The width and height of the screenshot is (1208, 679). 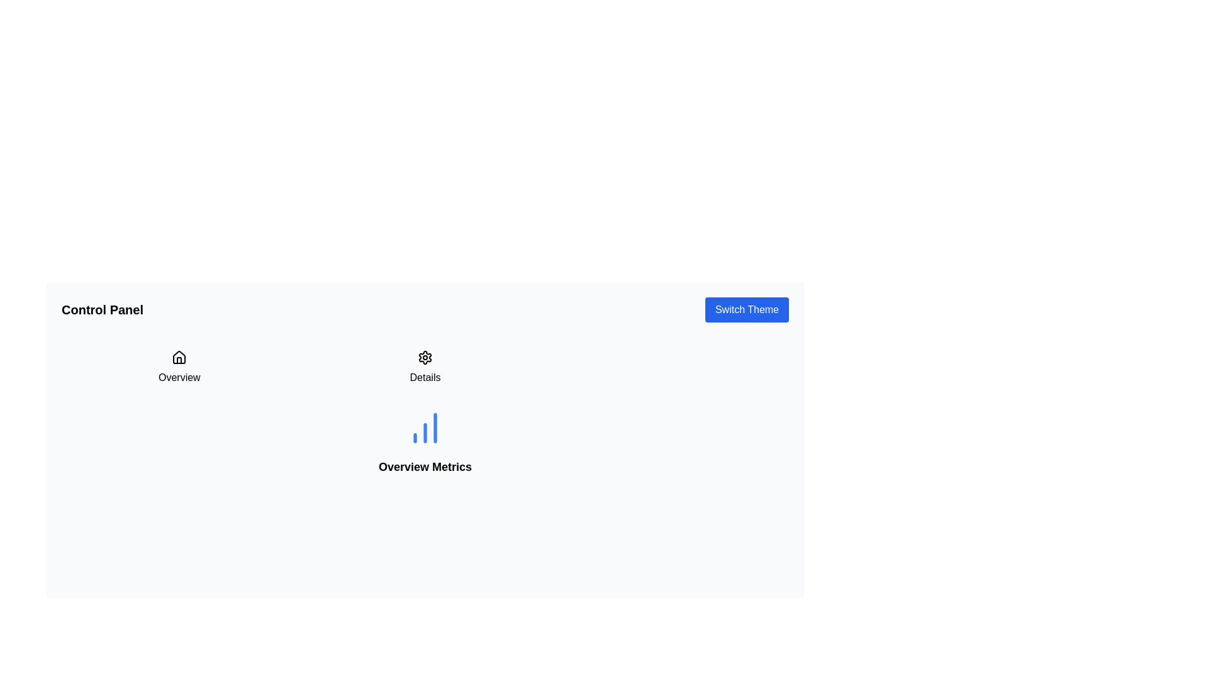 I want to click on the text content of the 'Control Panel' label, which is a prominent header styled in bold and large font, located in the top-left section of the interface, so click(x=103, y=310).